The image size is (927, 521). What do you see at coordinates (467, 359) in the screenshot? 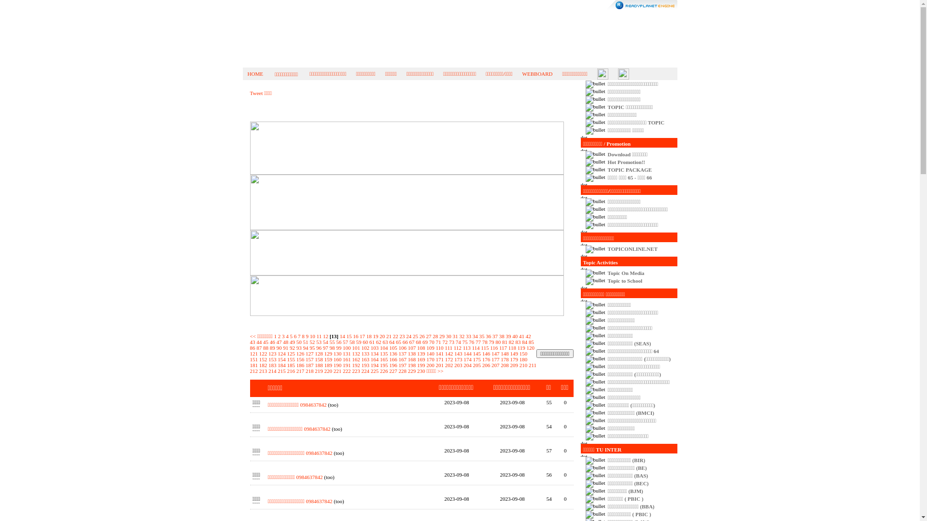
I see `'174'` at bounding box center [467, 359].